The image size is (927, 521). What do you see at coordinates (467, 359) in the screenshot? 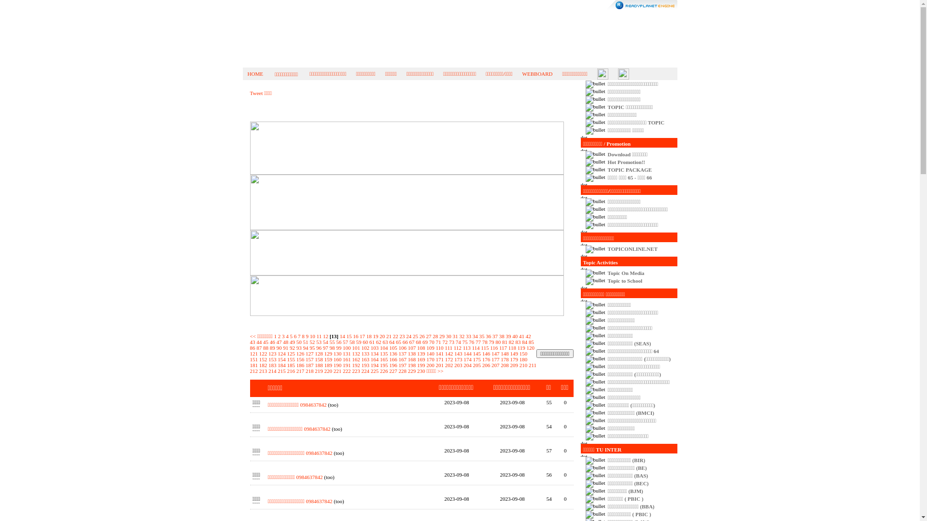
I see `'174'` at bounding box center [467, 359].